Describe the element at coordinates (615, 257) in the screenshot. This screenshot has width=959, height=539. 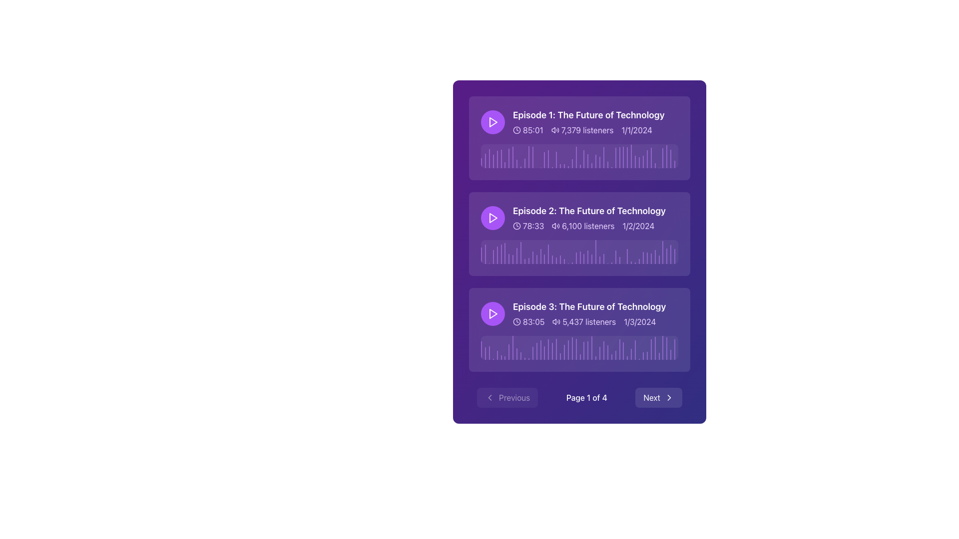
I see `the 35th vertical purple bar in the graphical audio waveform representation within the playlist UI` at that location.